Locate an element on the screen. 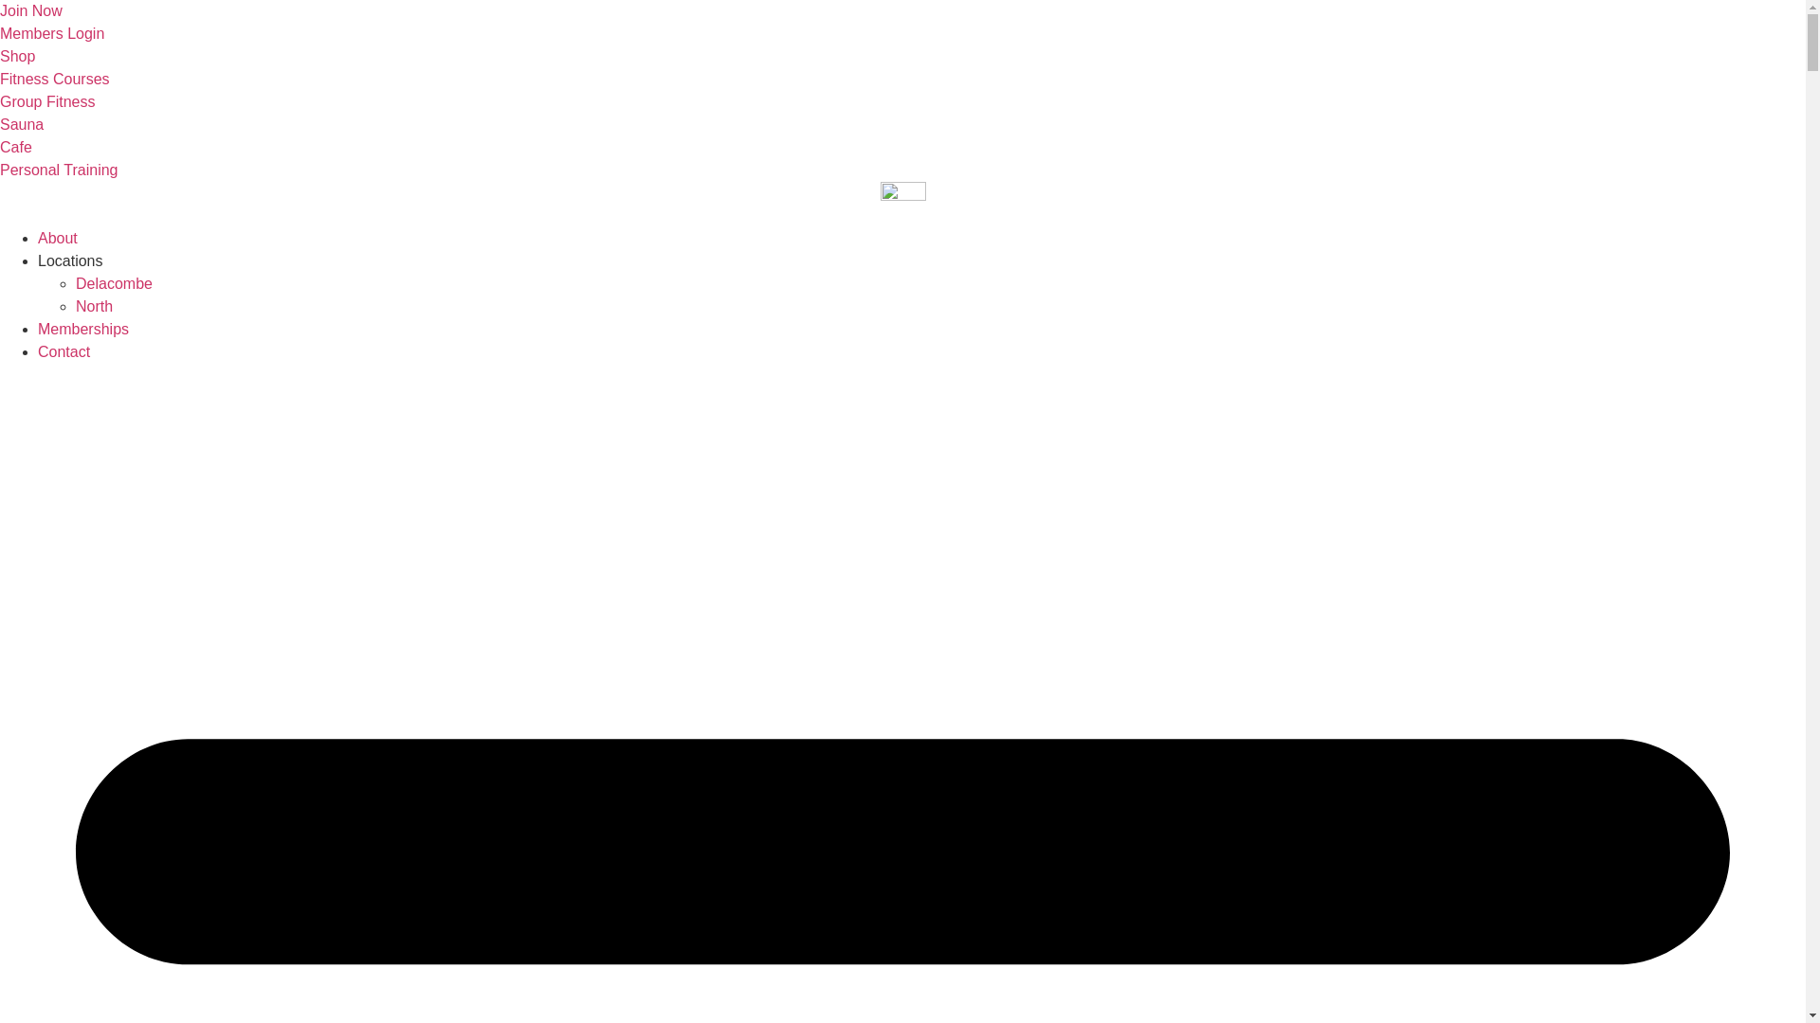  'Group Fitness' is located at coordinates (46, 101).